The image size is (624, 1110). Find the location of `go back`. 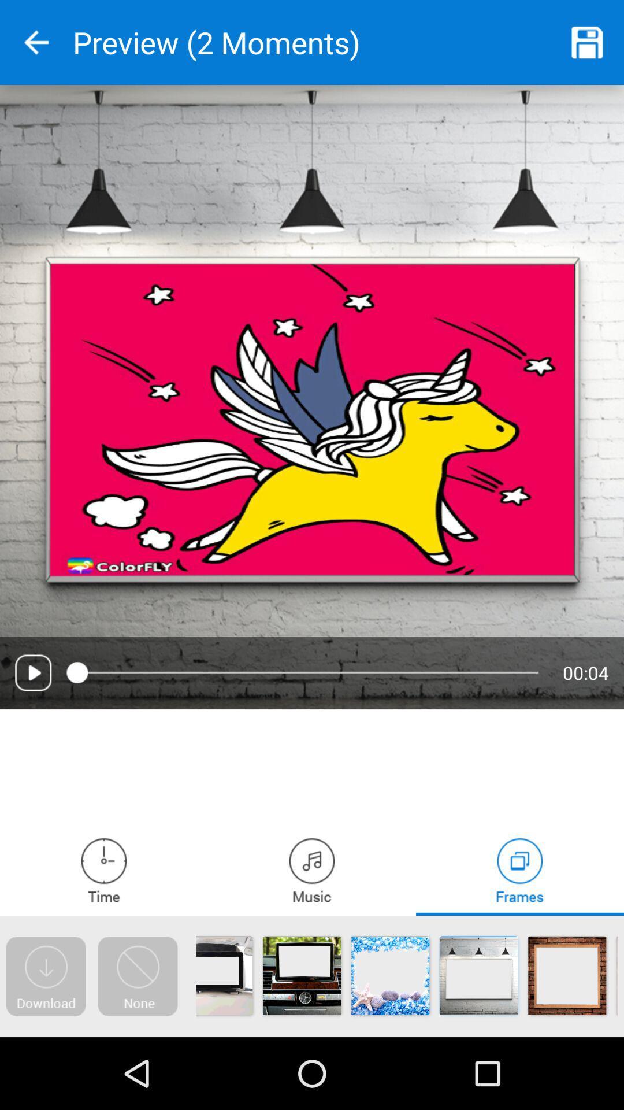

go back is located at coordinates (35, 42).